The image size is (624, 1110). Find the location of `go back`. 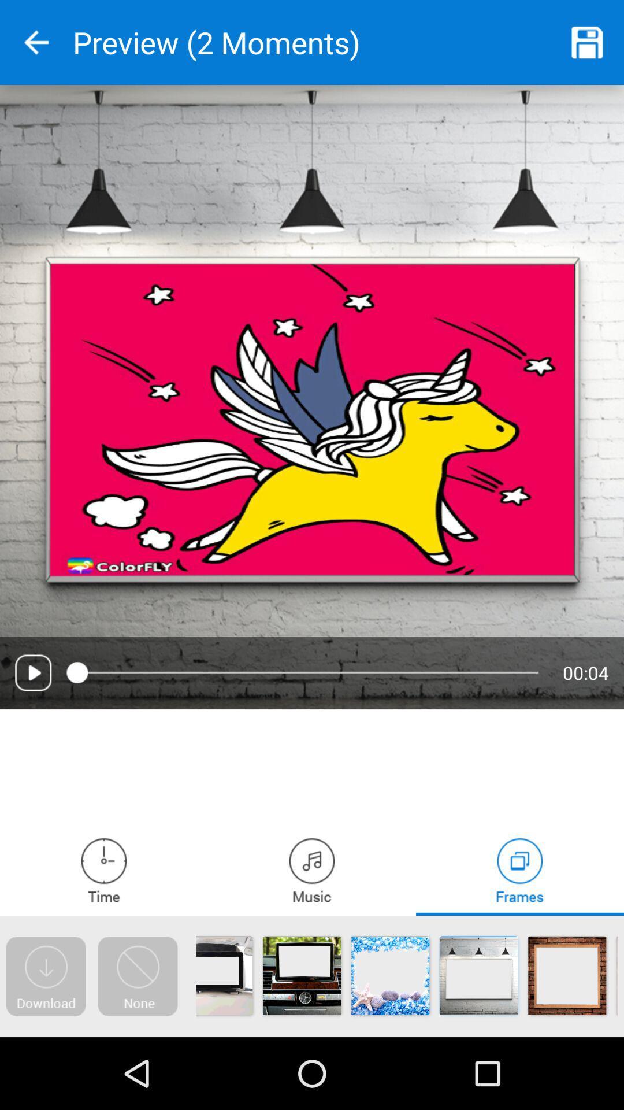

go back is located at coordinates (35, 42).